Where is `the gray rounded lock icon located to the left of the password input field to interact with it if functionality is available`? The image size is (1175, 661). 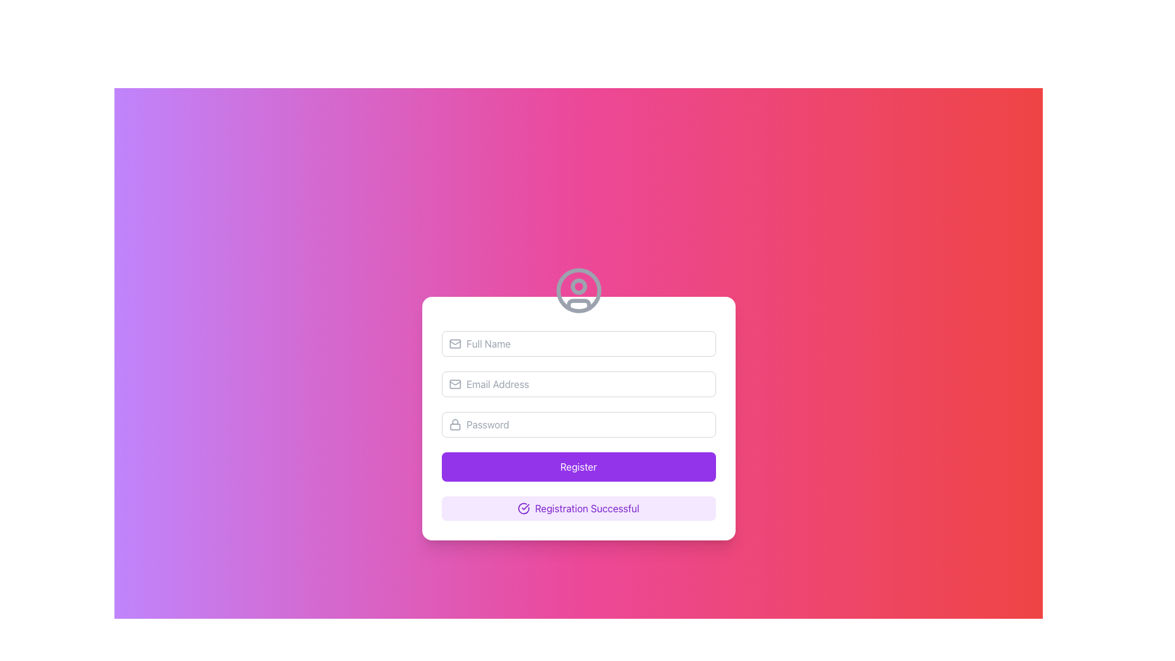
the gray rounded lock icon located to the left of the password input field to interact with it if functionality is available is located at coordinates (454, 424).